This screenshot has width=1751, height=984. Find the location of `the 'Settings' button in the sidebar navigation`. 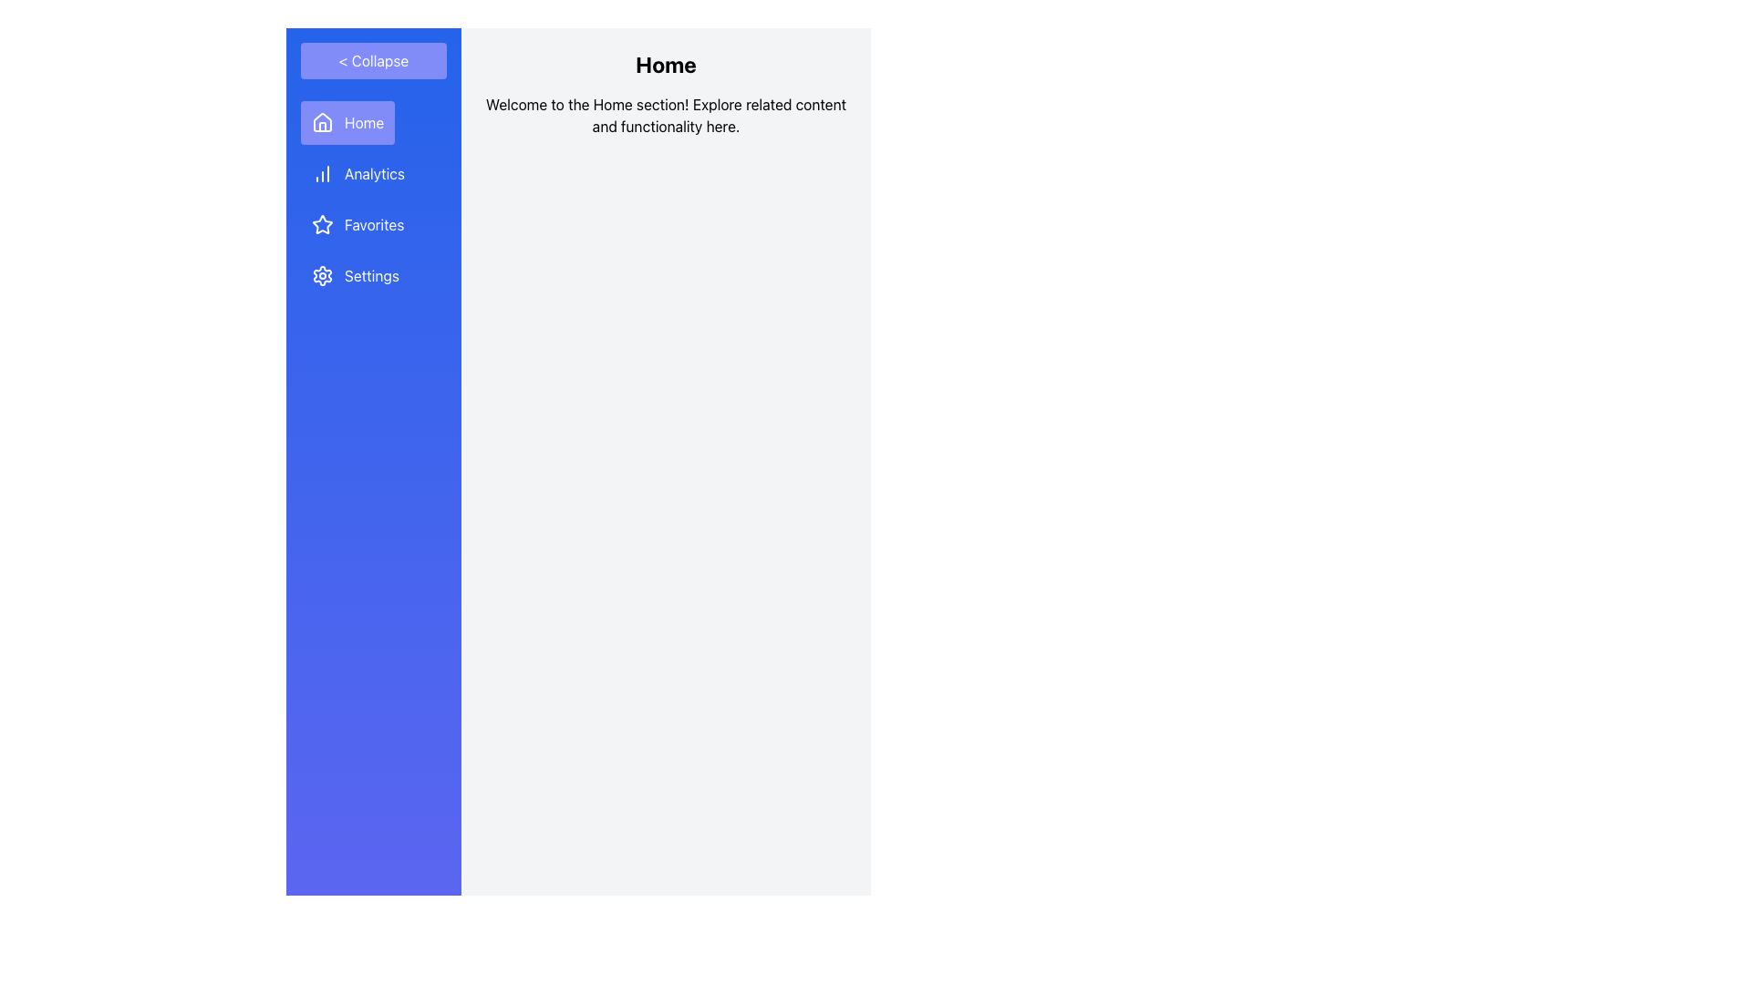

the 'Settings' button in the sidebar navigation is located at coordinates (355, 276).